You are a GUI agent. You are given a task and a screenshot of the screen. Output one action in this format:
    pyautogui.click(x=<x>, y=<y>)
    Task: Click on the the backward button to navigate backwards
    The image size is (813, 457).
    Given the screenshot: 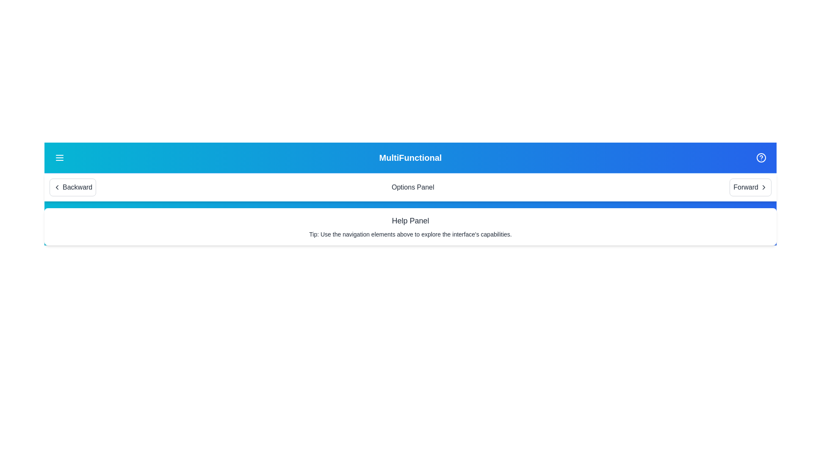 What is the action you would take?
    pyautogui.click(x=73, y=187)
    